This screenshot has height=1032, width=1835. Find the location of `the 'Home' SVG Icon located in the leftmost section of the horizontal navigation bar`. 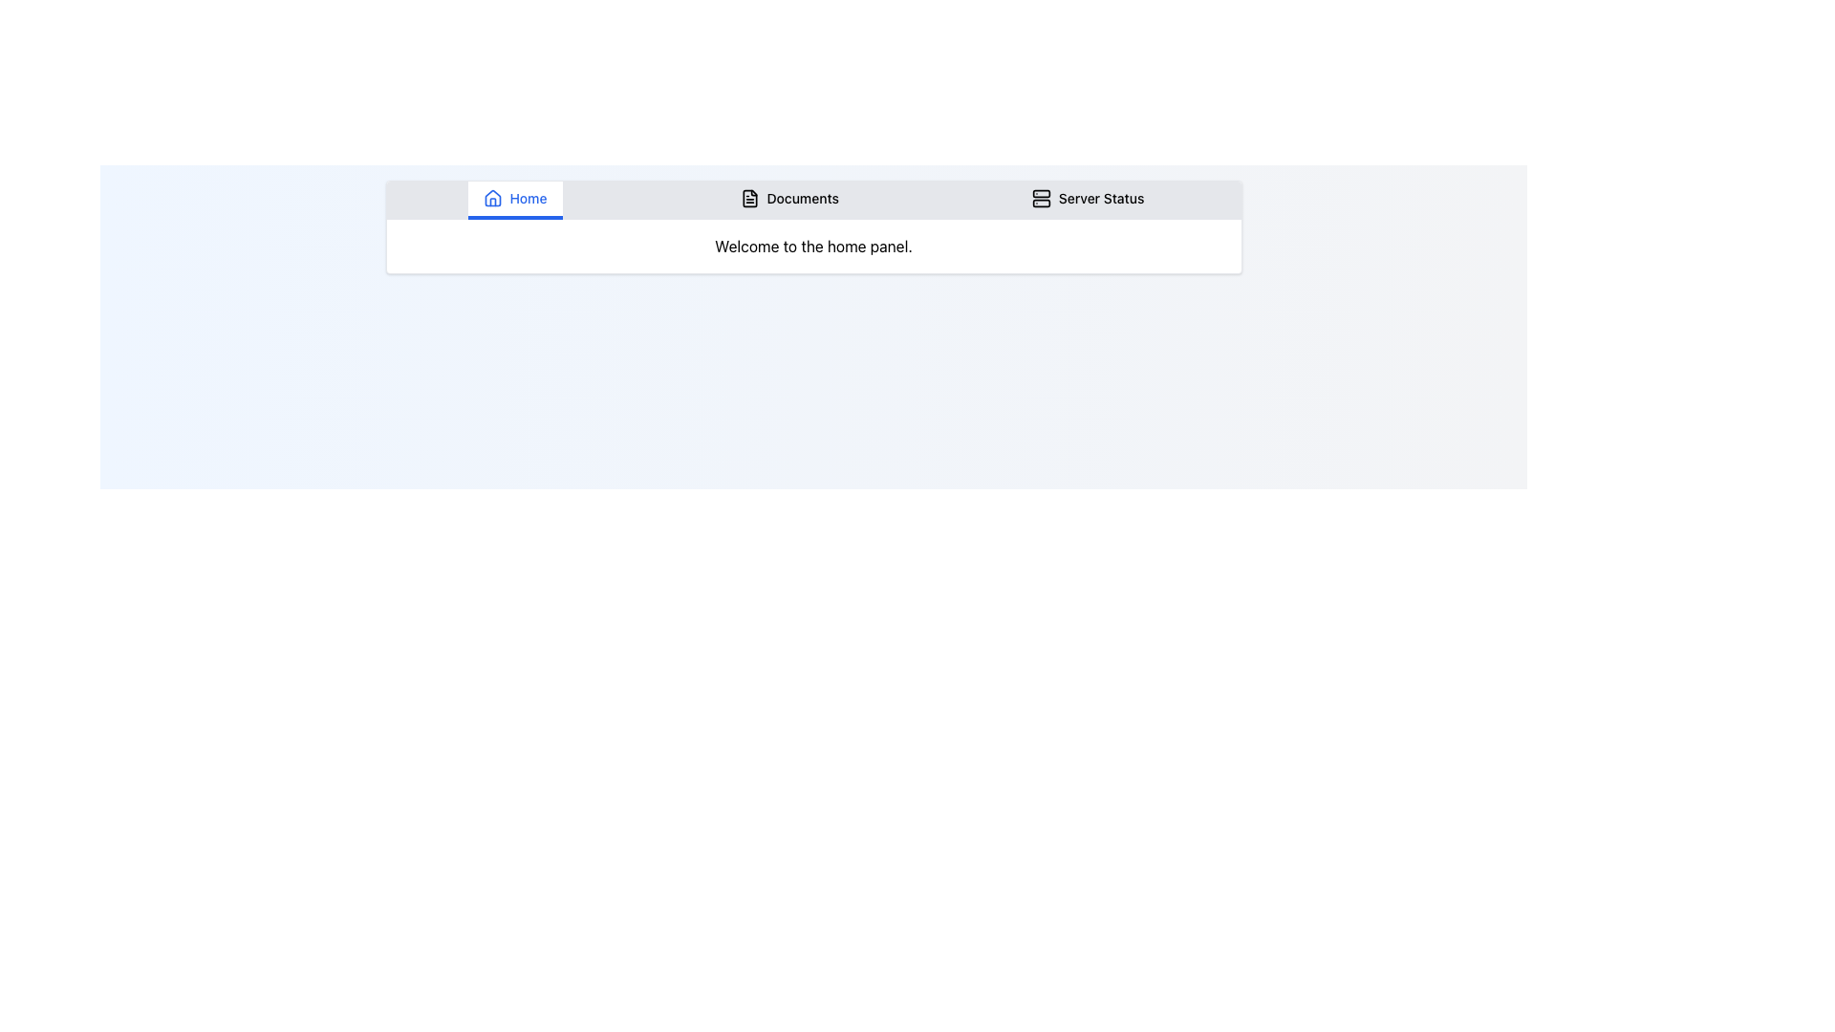

the 'Home' SVG Icon located in the leftmost section of the horizontal navigation bar is located at coordinates (492, 199).